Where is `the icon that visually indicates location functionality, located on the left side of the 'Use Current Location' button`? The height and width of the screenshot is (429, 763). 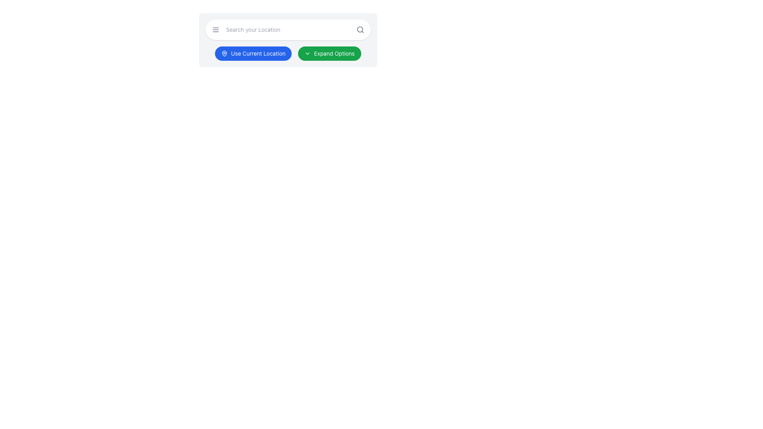 the icon that visually indicates location functionality, located on the left side of the 'Use Current Location' button is located at coordinates (224, 54).